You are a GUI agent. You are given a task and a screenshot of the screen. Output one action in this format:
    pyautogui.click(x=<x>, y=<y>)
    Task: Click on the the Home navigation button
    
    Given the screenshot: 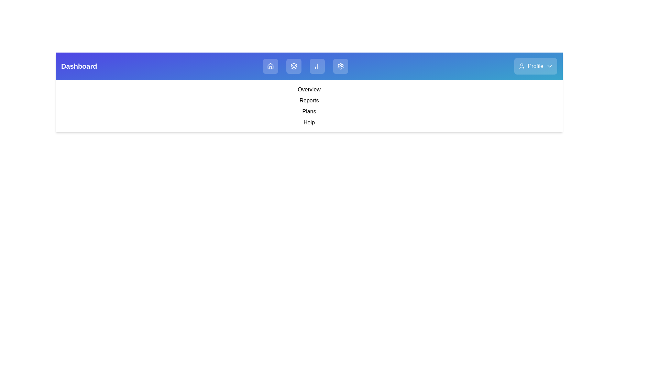 What is the action you would take?
    pyautogui.click(x=270, y=66)
    